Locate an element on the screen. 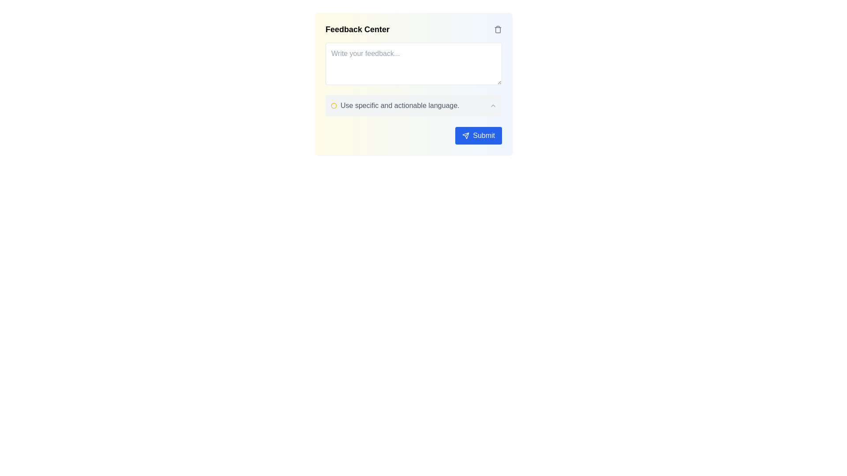 This screenshot has height=476, width=847. the trash bin icon button located in the top right corner of the feedback interface is located at coordinates (498, 29).